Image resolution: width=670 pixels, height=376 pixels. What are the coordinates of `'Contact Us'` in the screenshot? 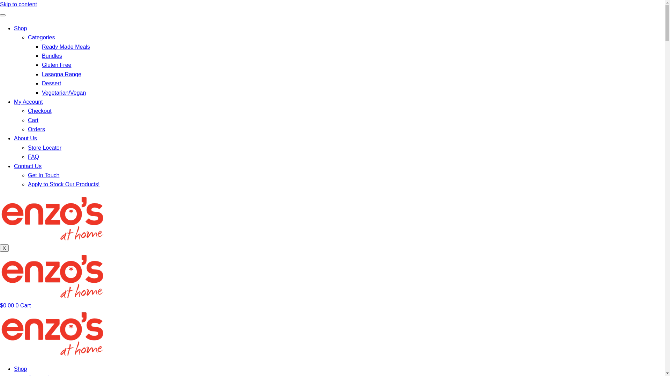 It's located at (28, 166).